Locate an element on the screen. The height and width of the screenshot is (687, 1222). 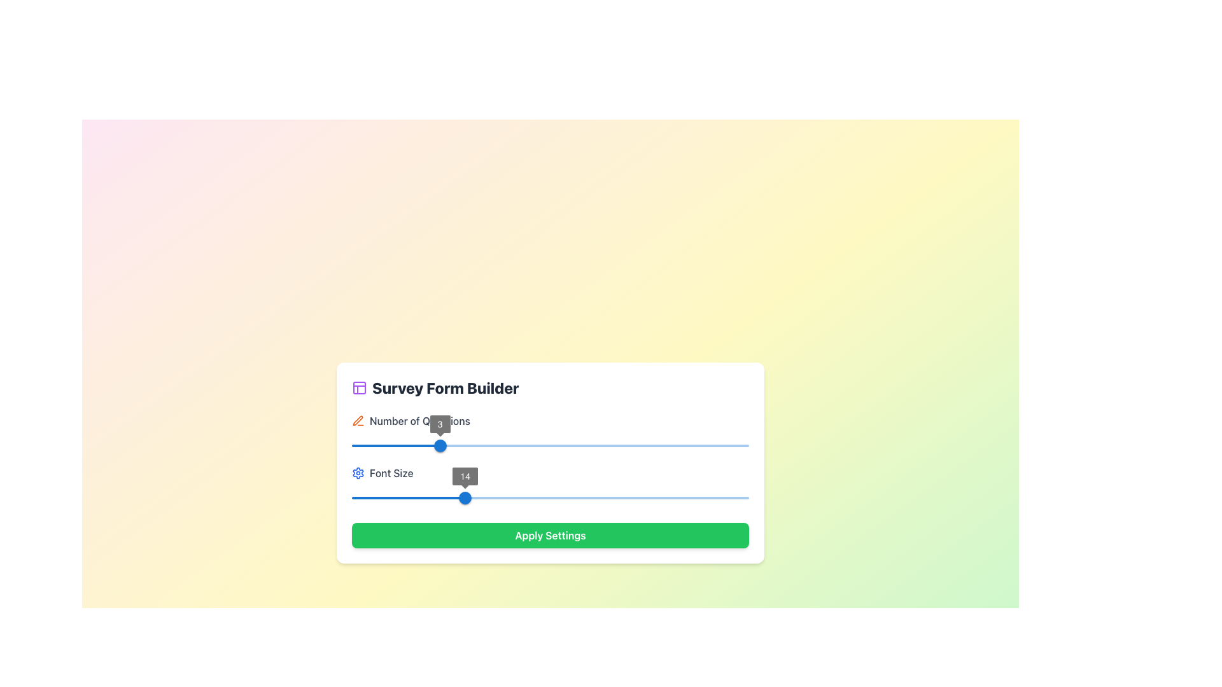
the blue gear settings icon located to the left of the 'Font Size' label in the Survey Form Builder card is located at coordinates (357, 473).